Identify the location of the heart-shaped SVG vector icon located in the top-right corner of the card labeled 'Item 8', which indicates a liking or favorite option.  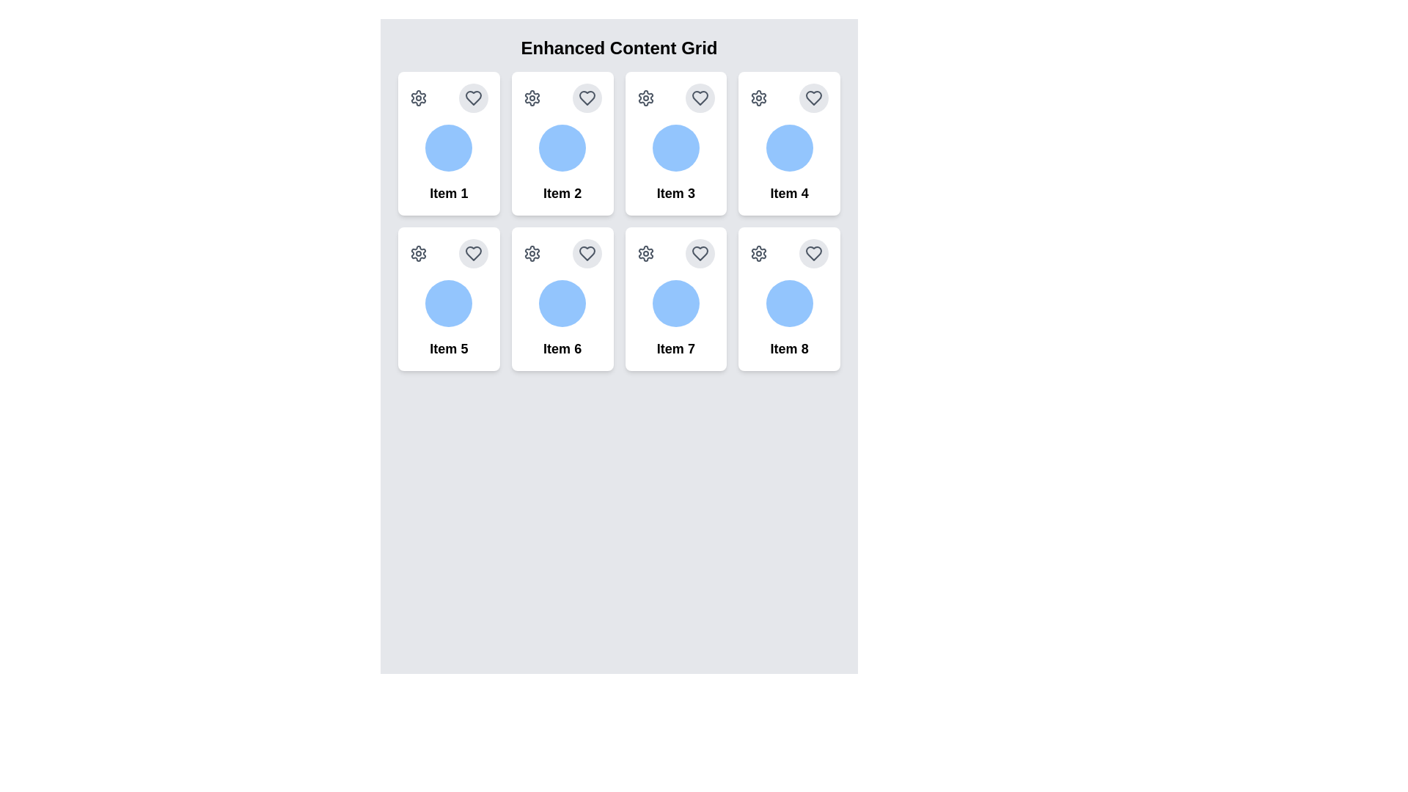
(813, 253).